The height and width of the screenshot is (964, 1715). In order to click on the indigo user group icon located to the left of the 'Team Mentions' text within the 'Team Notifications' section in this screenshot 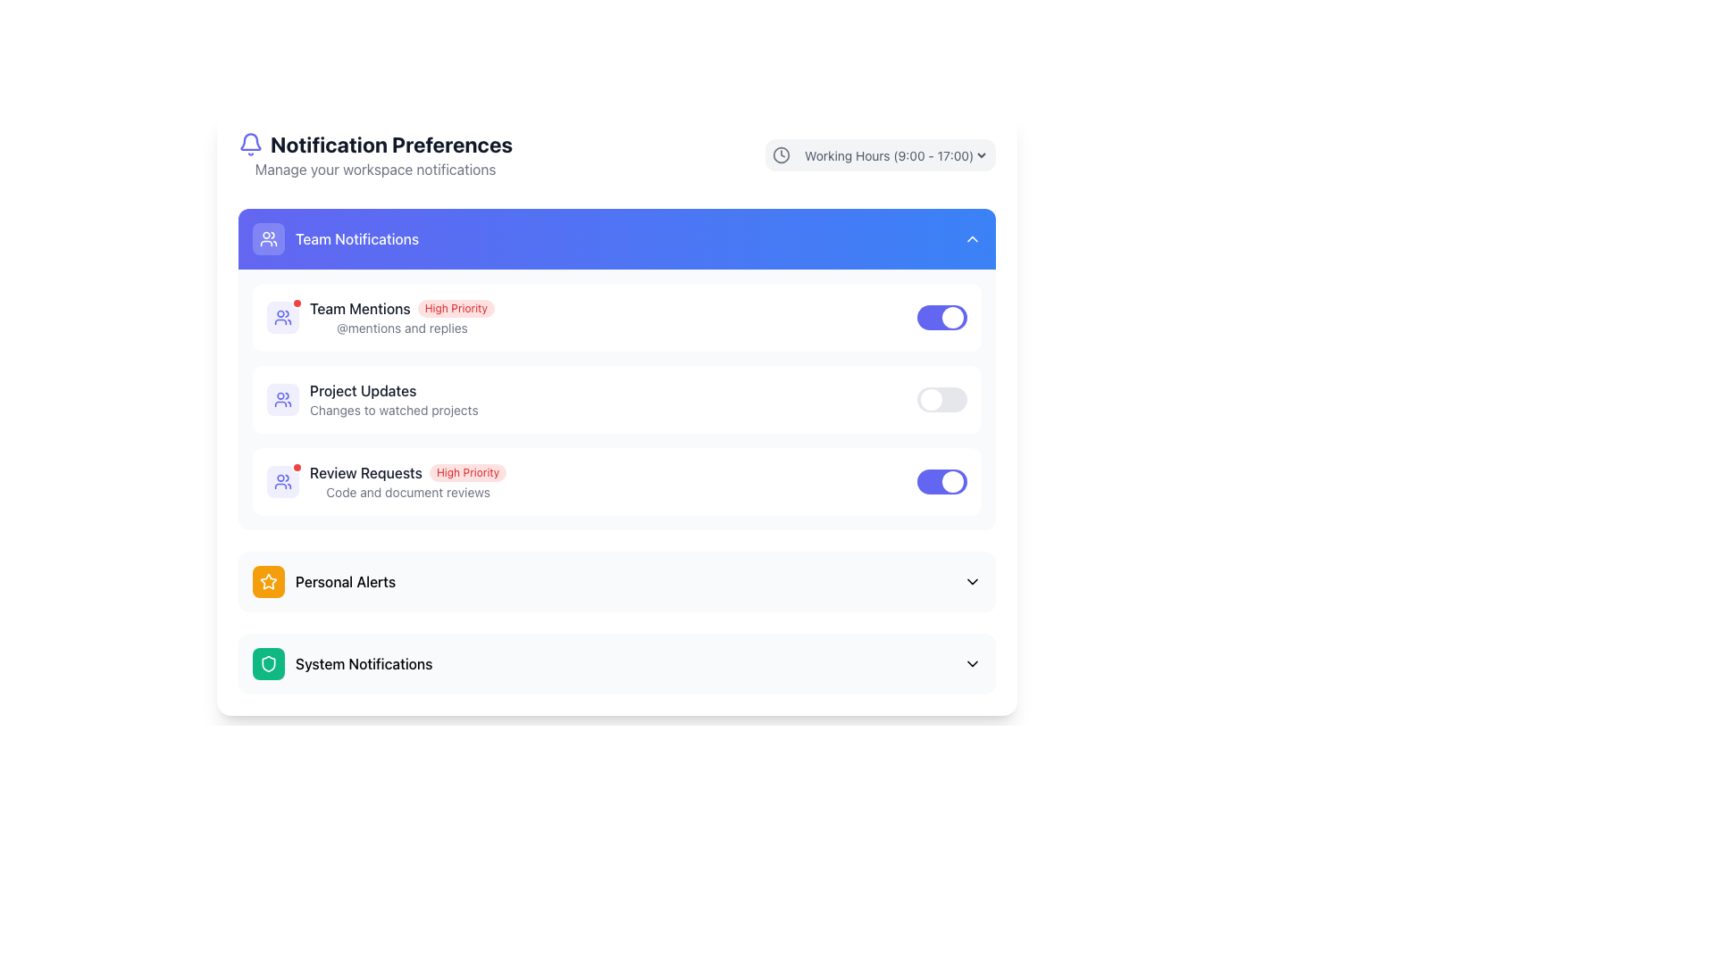, I will do `click(281, 316)`.